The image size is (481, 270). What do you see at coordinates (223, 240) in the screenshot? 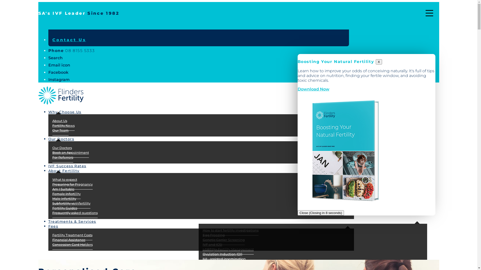
I see `'Genetic Carrier Screening'` at bounding box center [223, 240].